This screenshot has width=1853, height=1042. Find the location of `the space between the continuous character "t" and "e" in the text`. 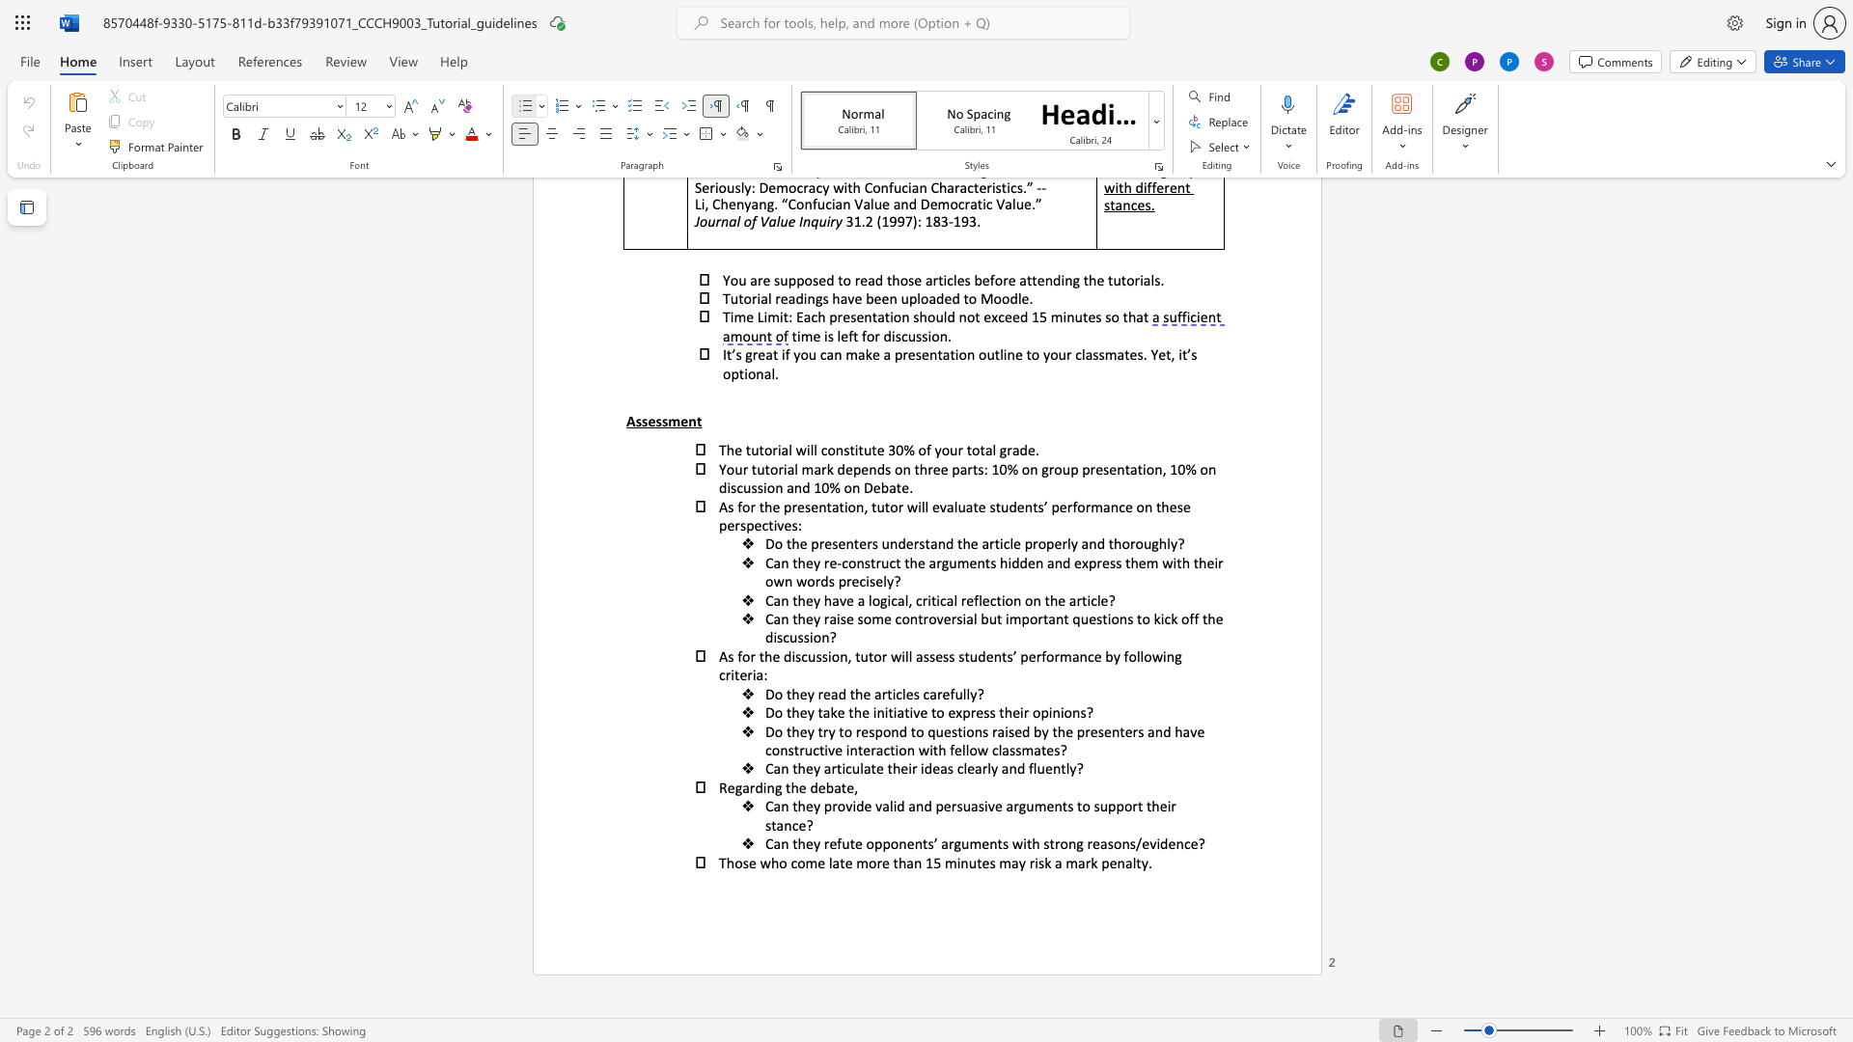

the space between the continuous character "t" and "e" in the text is located at coordinates (846, 787).